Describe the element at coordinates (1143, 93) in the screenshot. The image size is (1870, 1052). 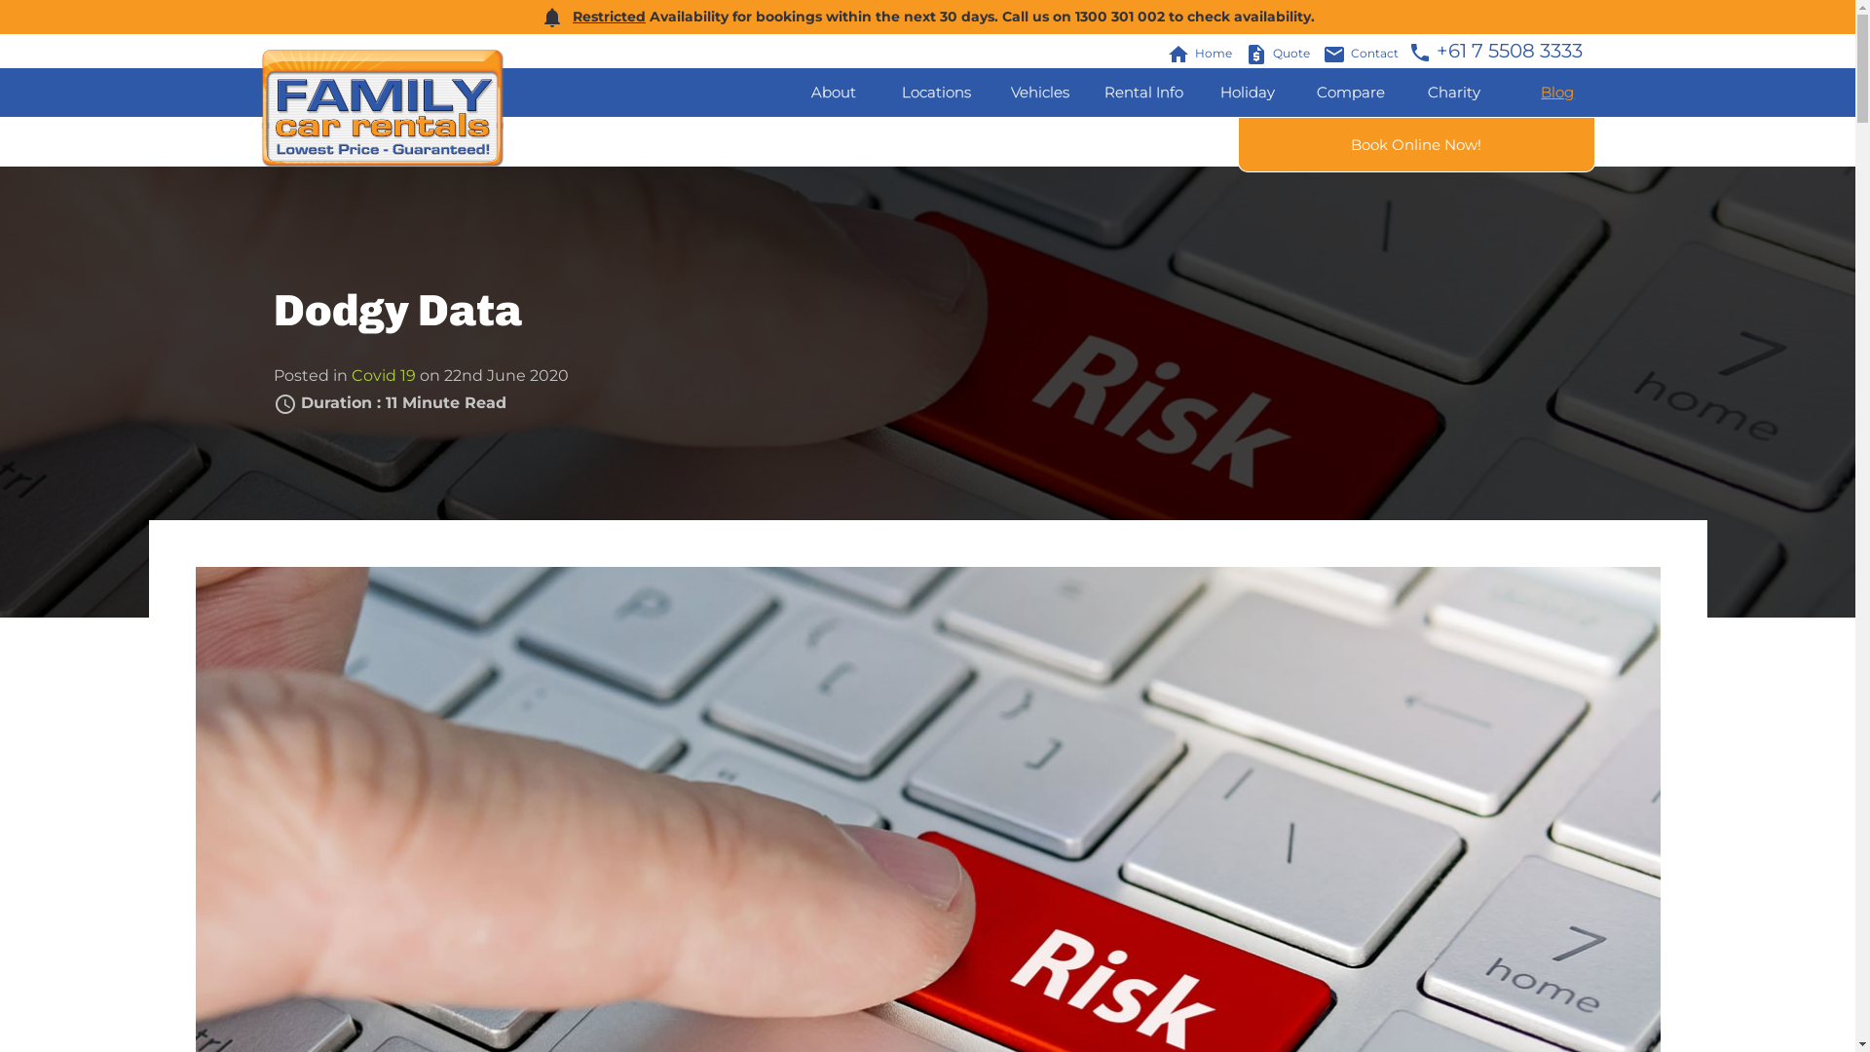
I see `'Rental Info'` at that location.